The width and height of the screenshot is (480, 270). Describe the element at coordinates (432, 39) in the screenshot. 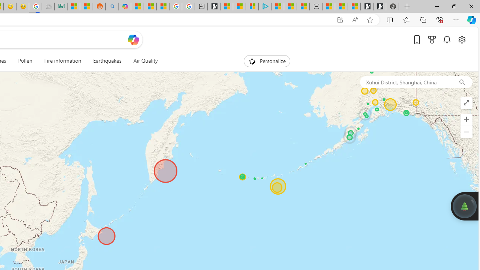

I see `'Microsoft rewards'` at that location.